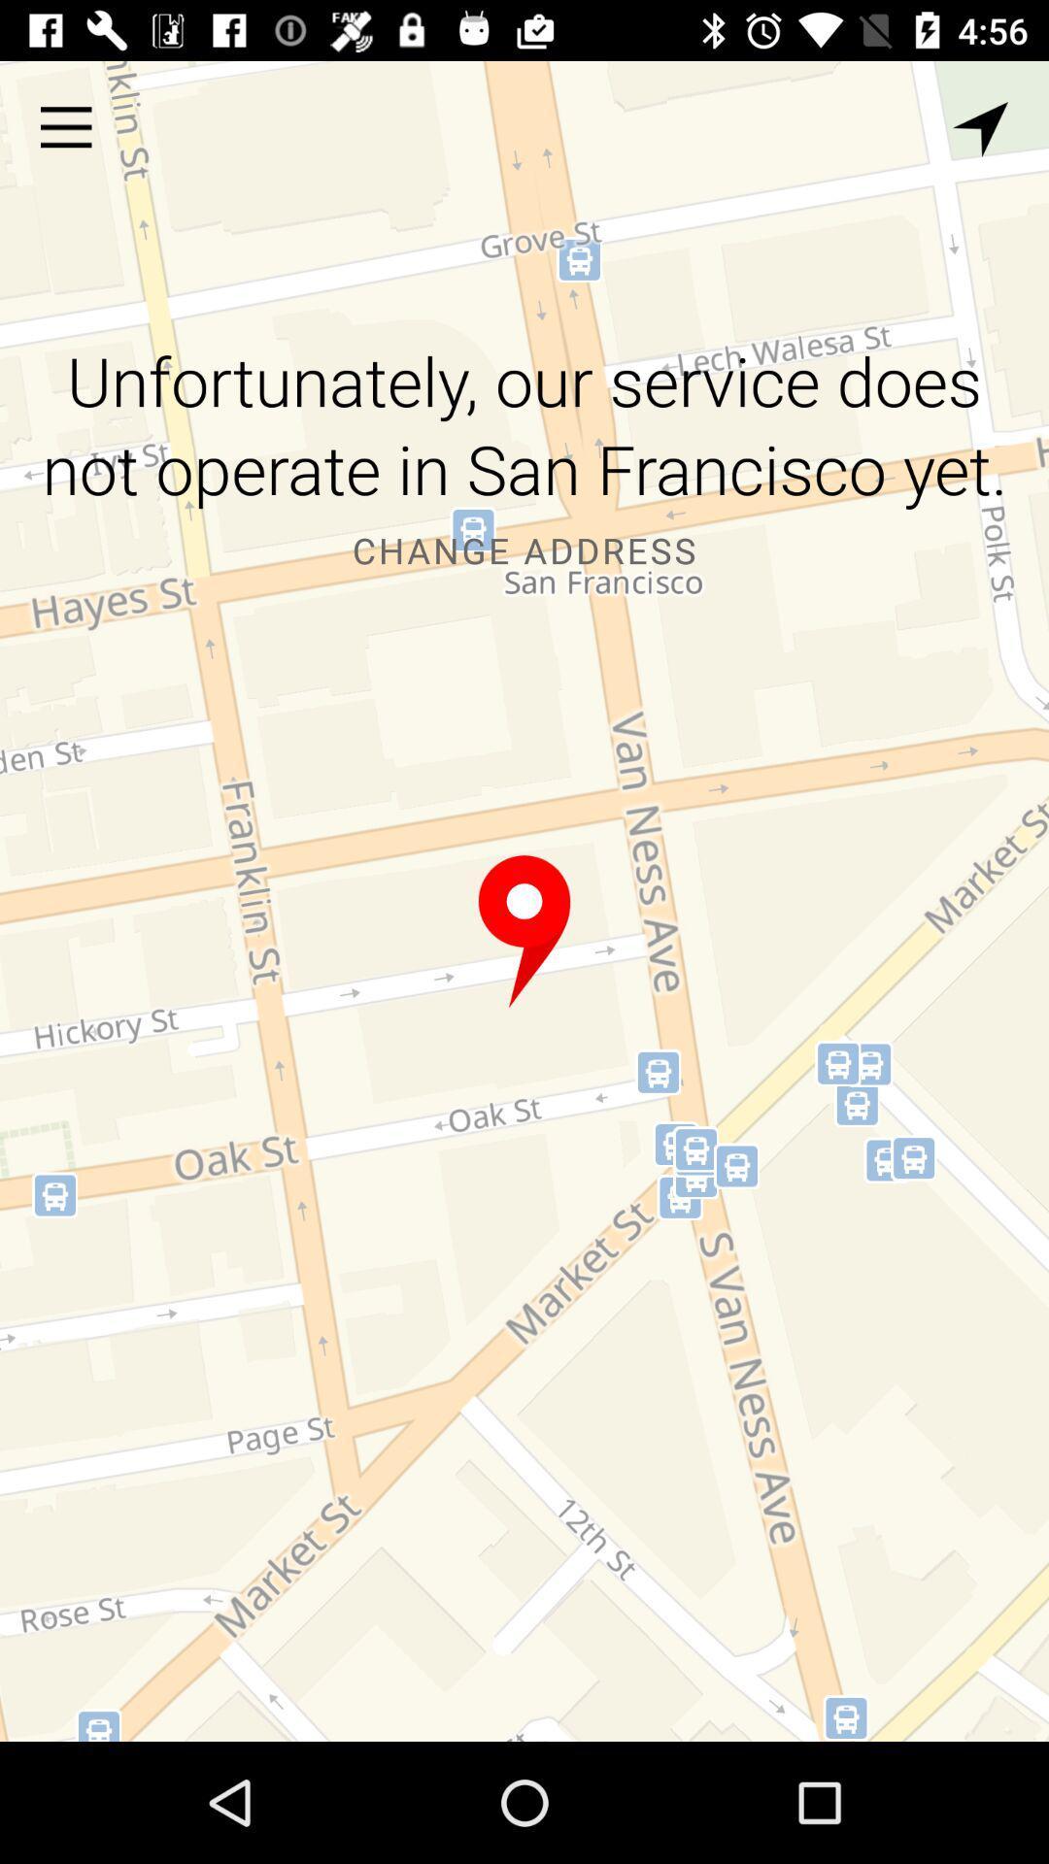 This screenshot has width=1049, height=1864. Describe the element at coordinates (524, 932) in the screenshot. I see `open pin information` at that location.